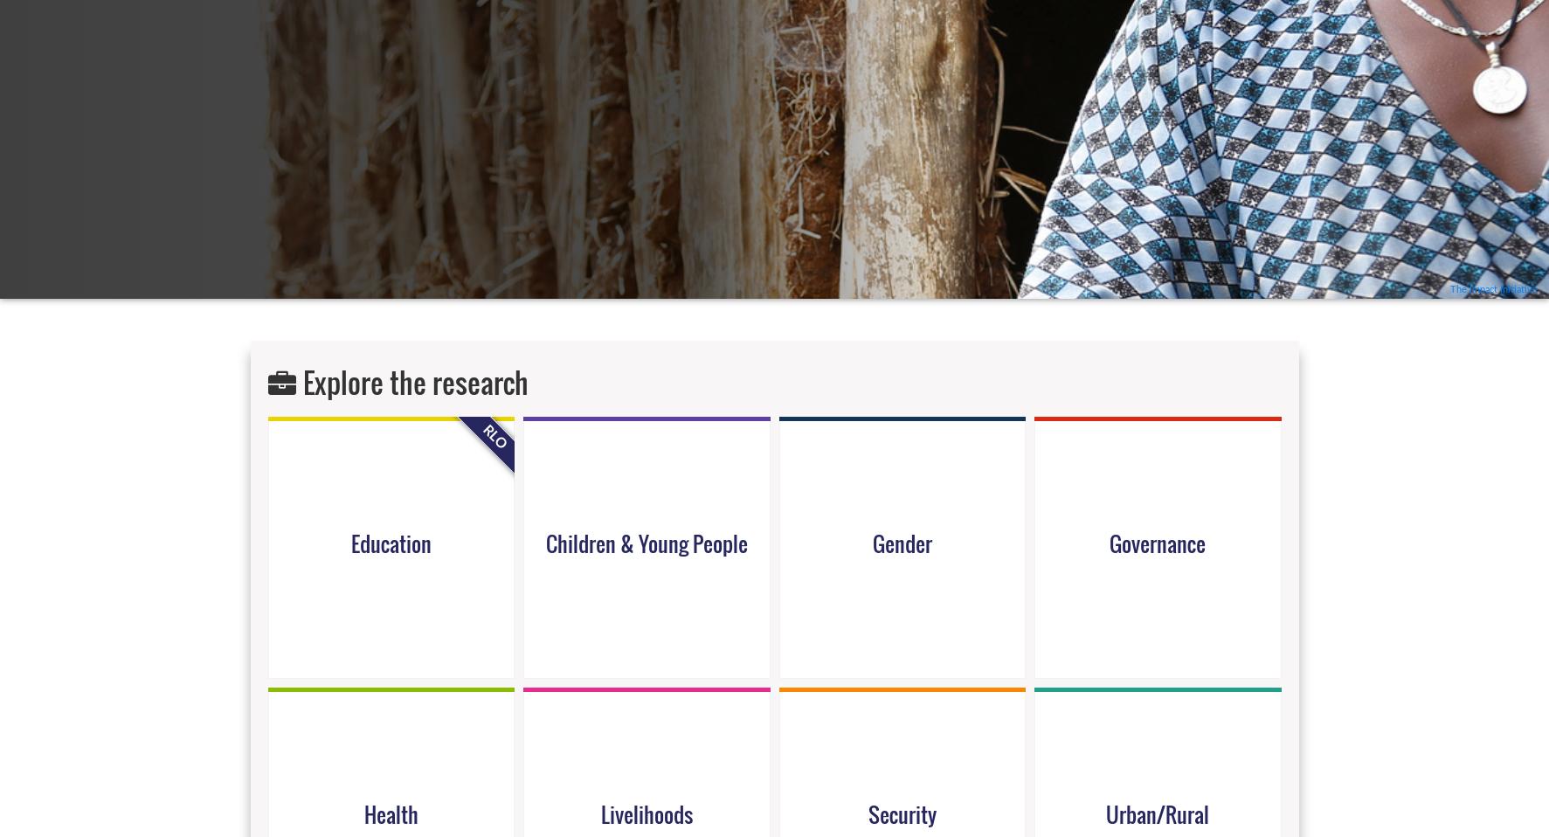  I want to click on 'Gender', so click(901, 542).